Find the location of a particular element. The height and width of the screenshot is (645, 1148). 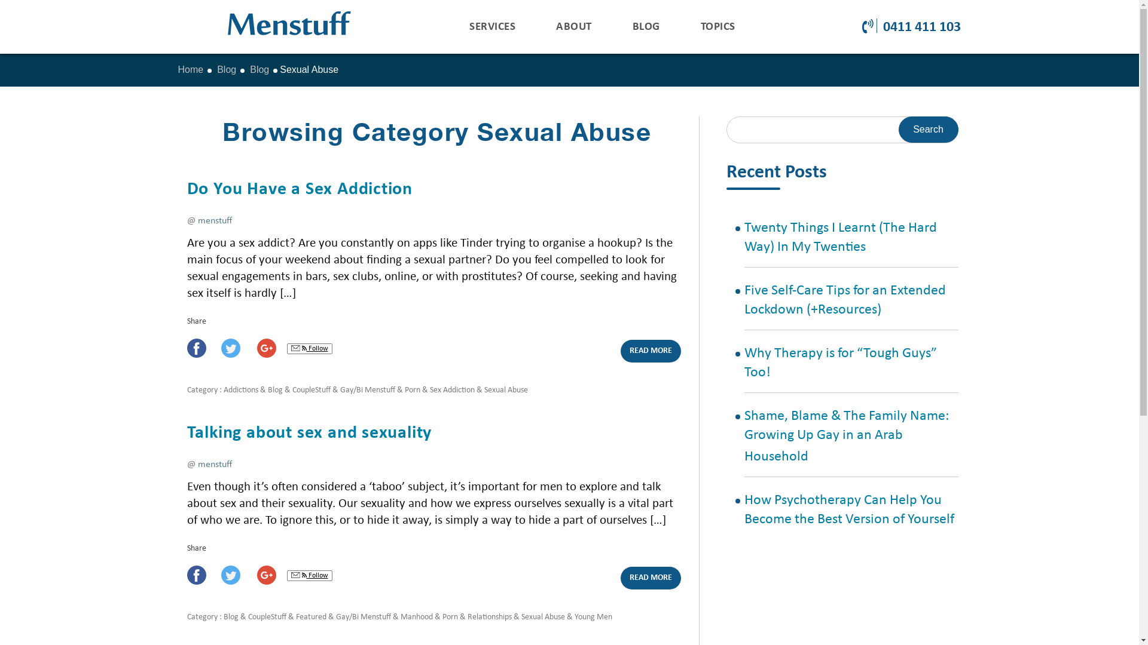

'Talking about sex and sexuality' is located at coordinates (309, 433).